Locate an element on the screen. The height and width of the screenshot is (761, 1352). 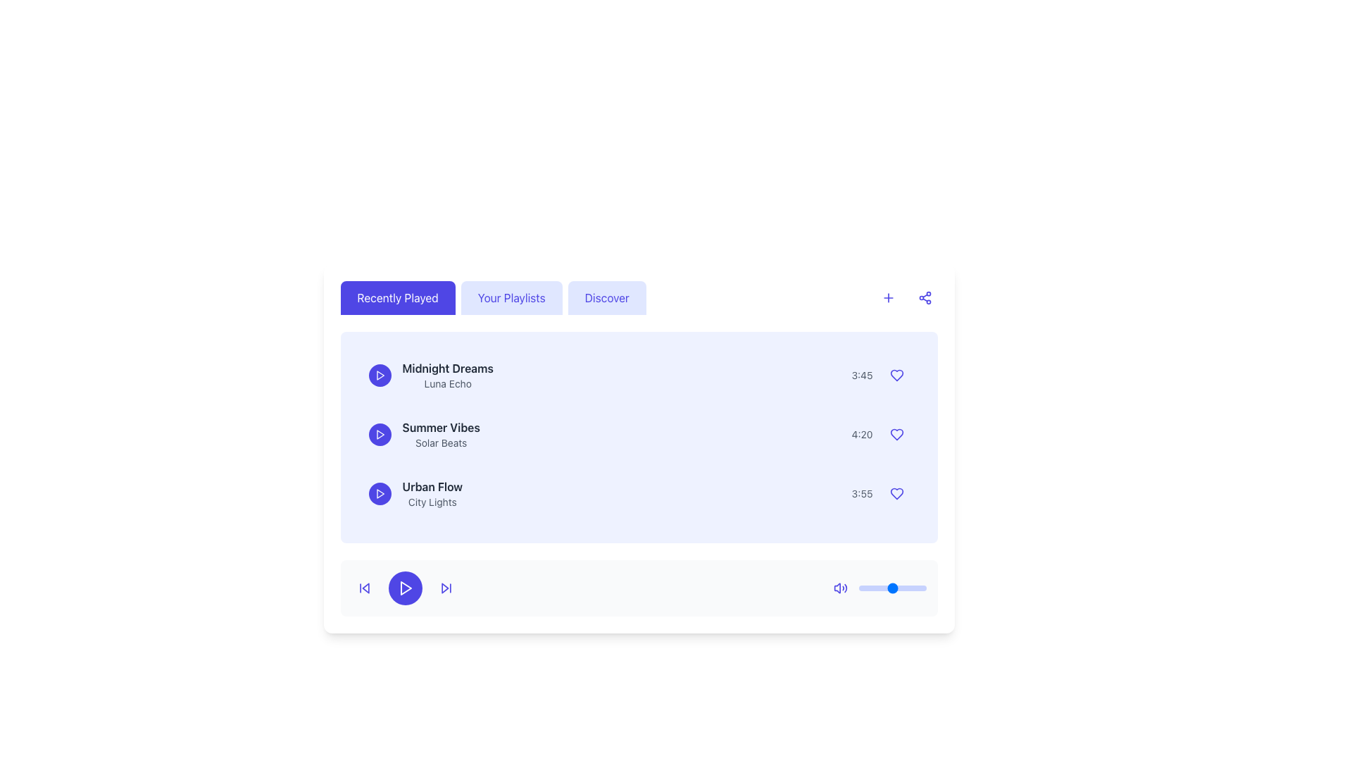
the heart-shaped icon in the 'Recently Played' panel is located at coordinates (896, 434).